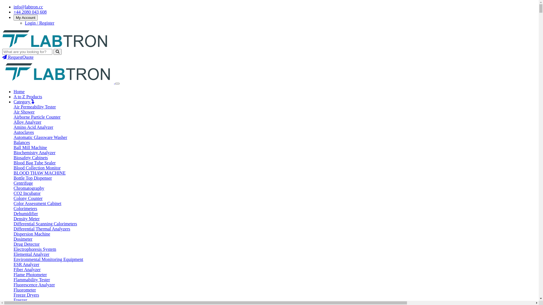 This screenshot has height=305, width=543. I want to click on 'Dispersion Machine', so click(14, 234).